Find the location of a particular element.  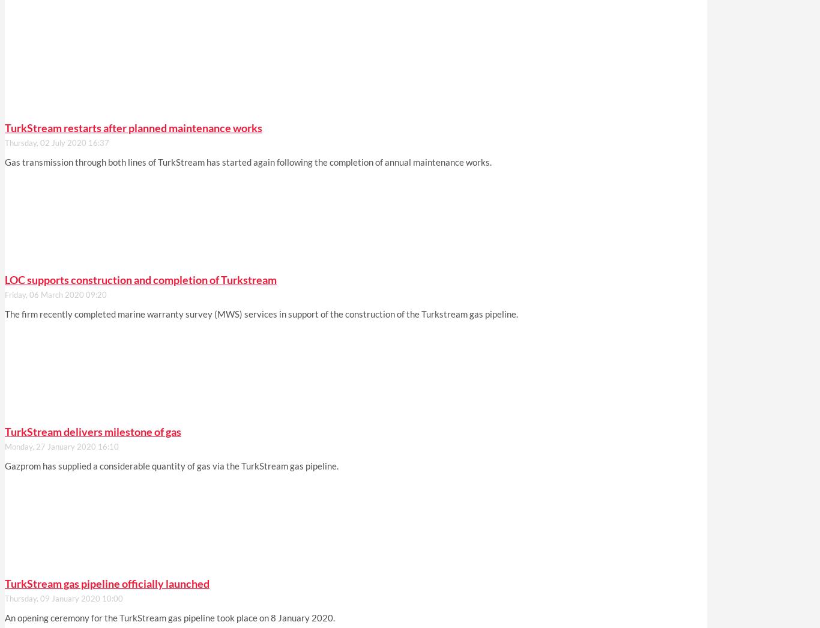

'An opening ceremony for the TurkStream gas pipeline took place on 8 January 2020.' is located at coordinates (170, 617).